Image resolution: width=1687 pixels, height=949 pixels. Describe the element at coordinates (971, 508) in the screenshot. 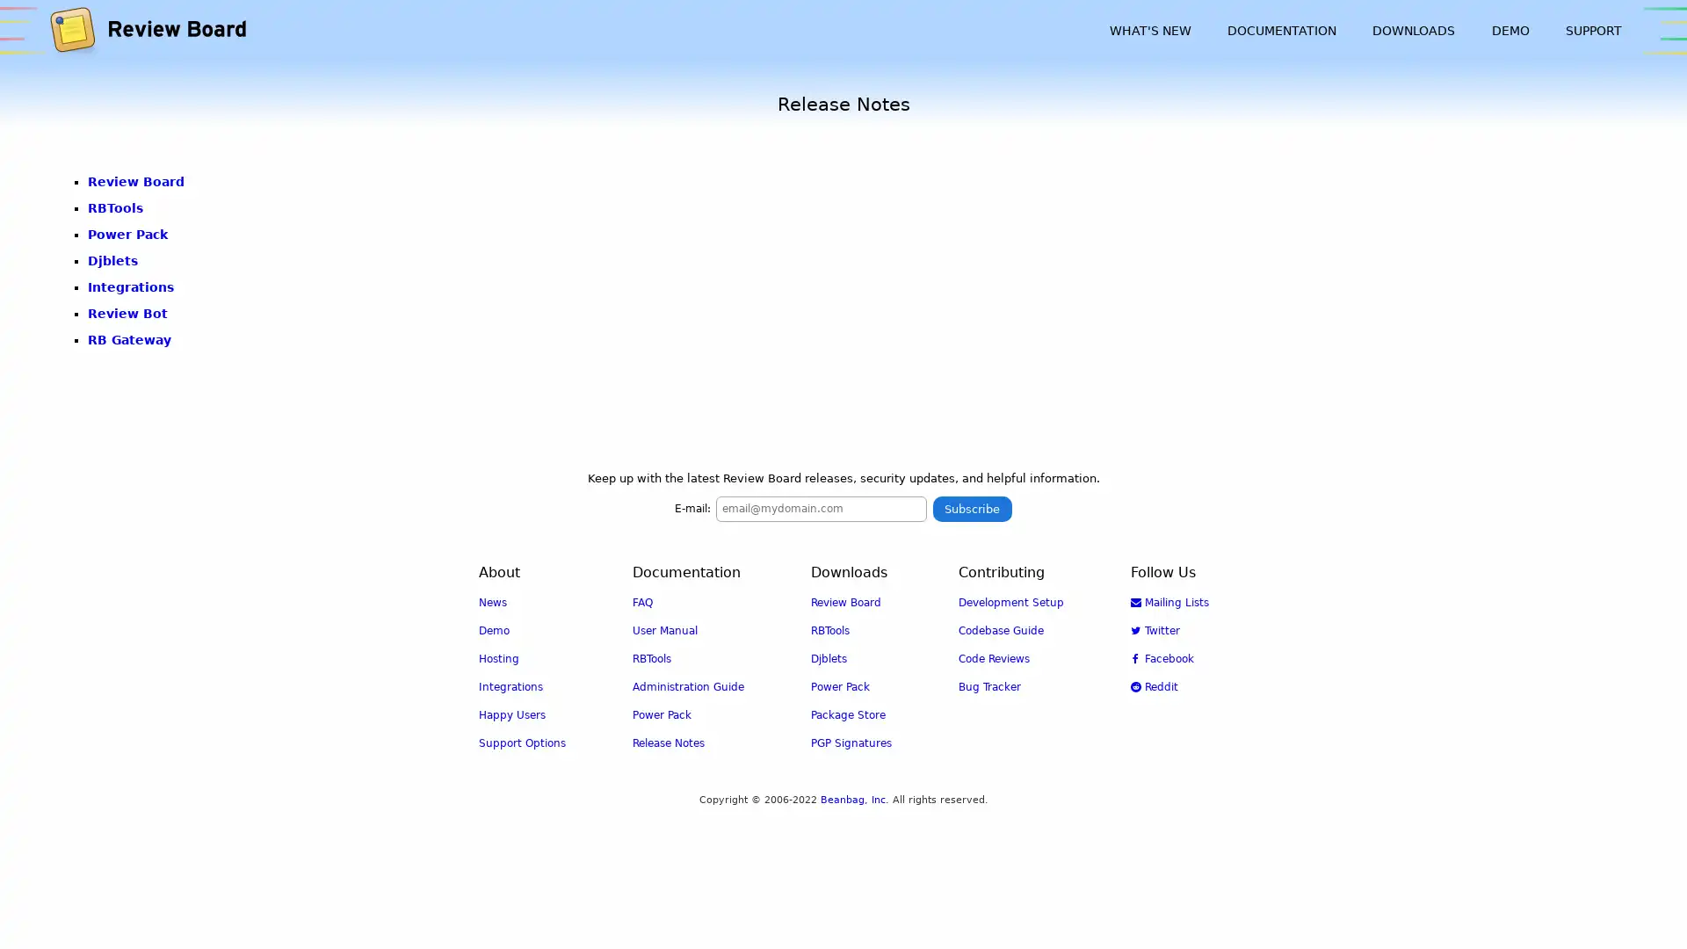

I see `Subscribe` at that location.